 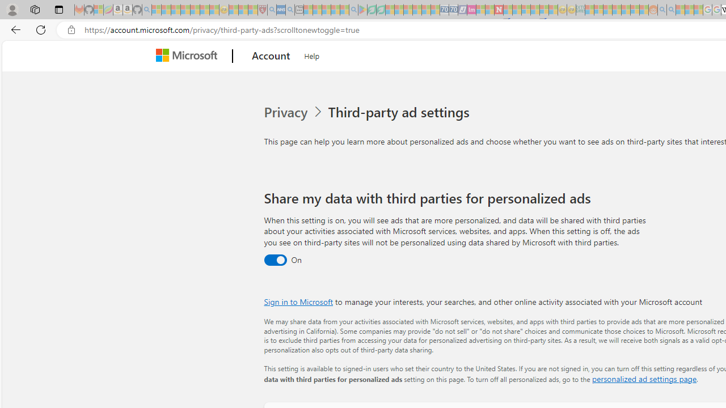 What do you see at coordinates (644, 379) in the screenshot?
I see `'personalized ad settings page'` at bounding box center [644, 379].